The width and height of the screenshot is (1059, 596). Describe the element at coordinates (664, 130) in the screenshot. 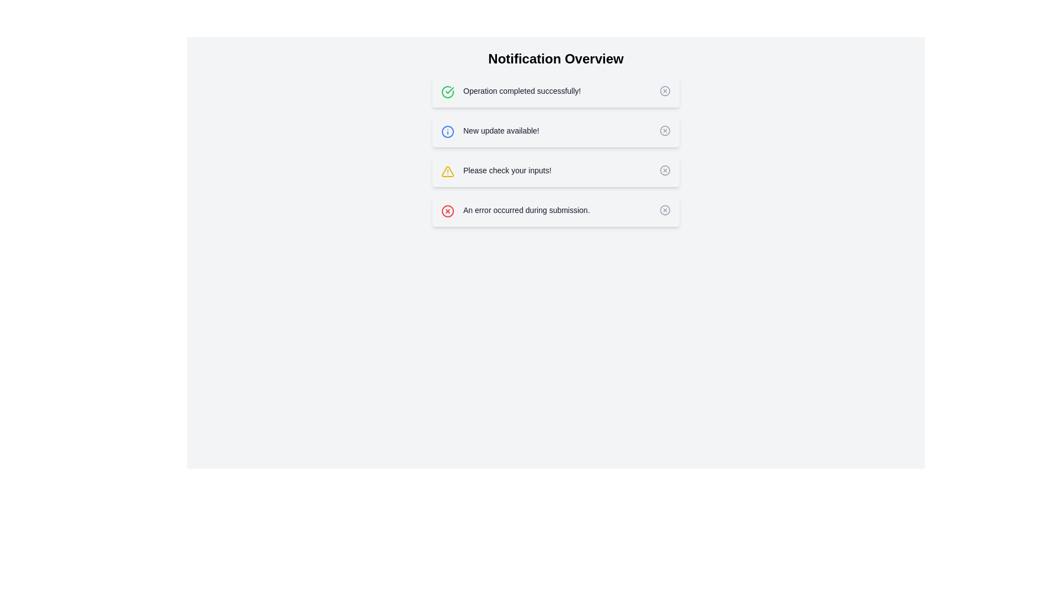

I see `the second circular button with an 'X' icon located in the top-right area of the notification card labeled 'New update available!'` at that location.